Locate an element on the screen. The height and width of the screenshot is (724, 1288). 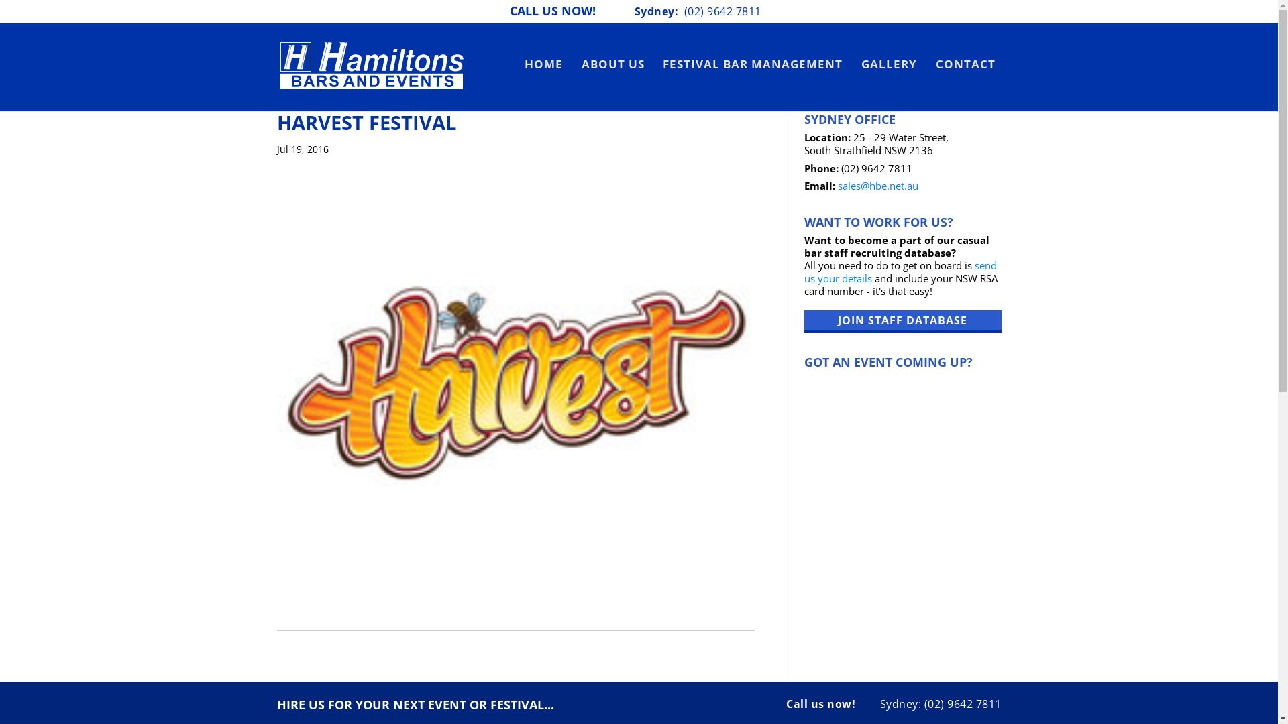
'CONTACT' is located at coordinates (965, 66).